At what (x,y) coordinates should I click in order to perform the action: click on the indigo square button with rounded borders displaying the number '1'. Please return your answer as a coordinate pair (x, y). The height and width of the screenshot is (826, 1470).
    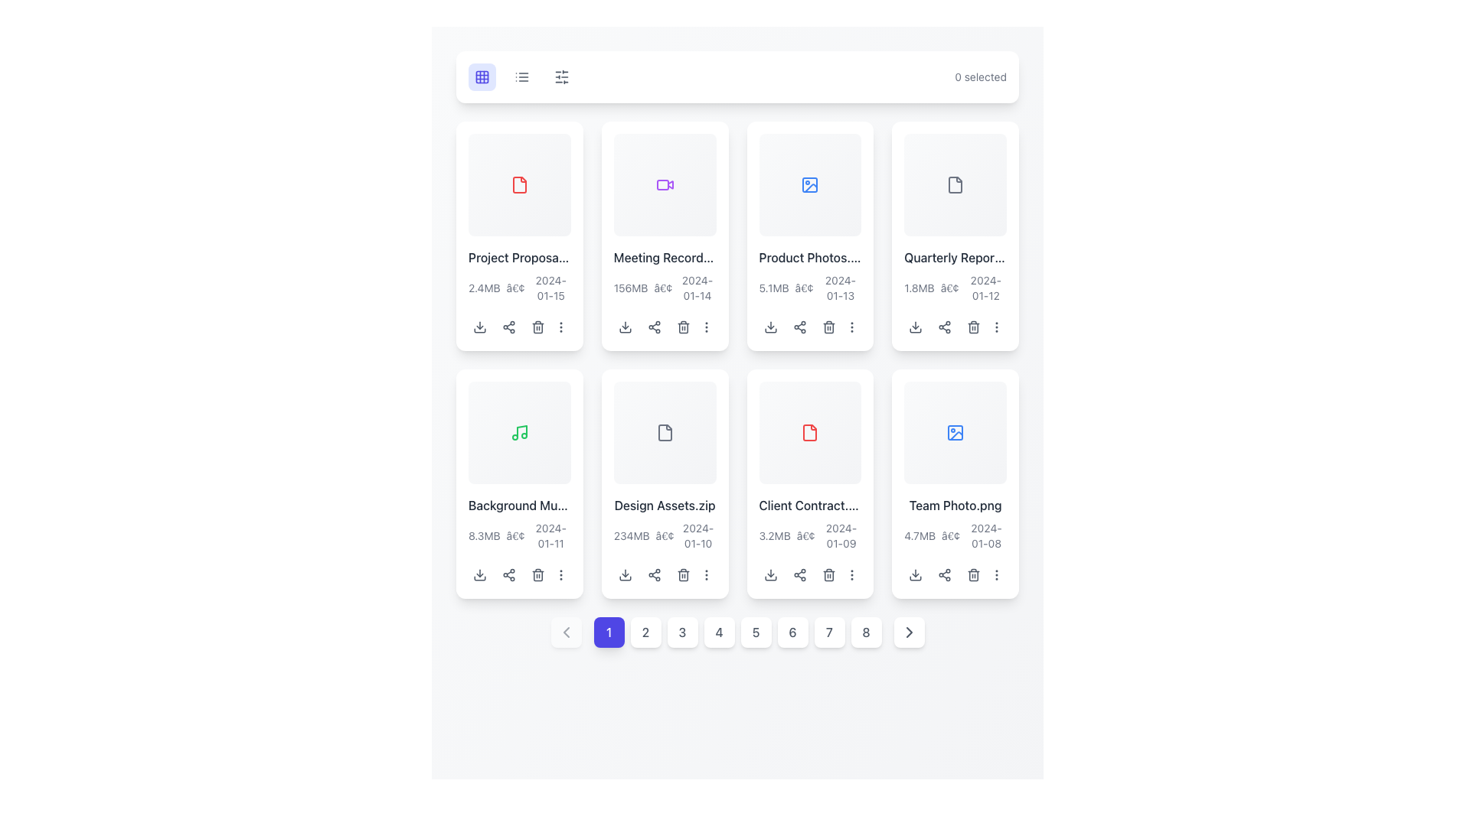
    Looking at the image, I should click on (608, 632).